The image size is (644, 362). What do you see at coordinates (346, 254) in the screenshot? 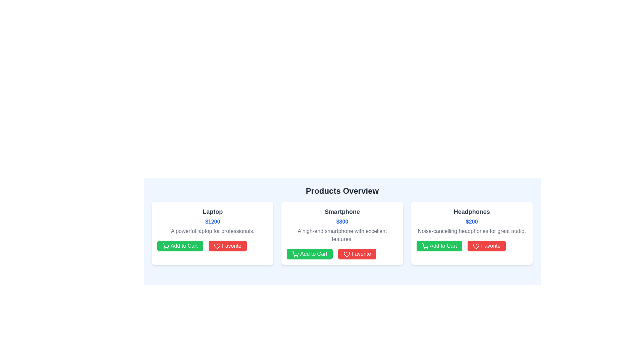
I see `the heart-shaped icon within the 'Favorite' button on the 'Smartphone' product card` at bounding box center [346, 254].